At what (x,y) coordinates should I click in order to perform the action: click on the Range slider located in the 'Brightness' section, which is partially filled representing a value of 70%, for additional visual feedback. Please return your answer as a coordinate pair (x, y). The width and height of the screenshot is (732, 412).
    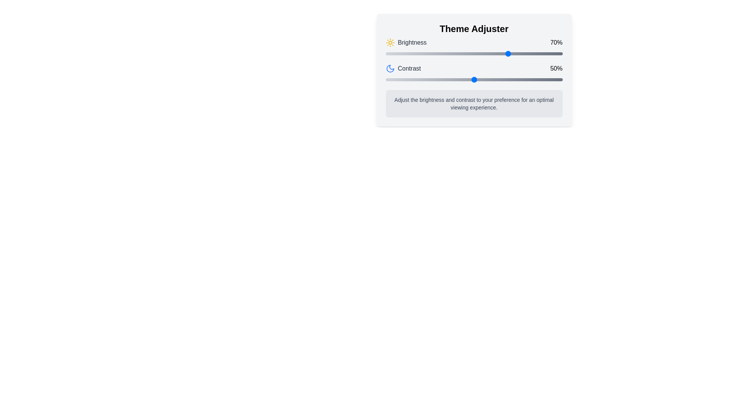
    Looking at the image, I should click on (474, 53).